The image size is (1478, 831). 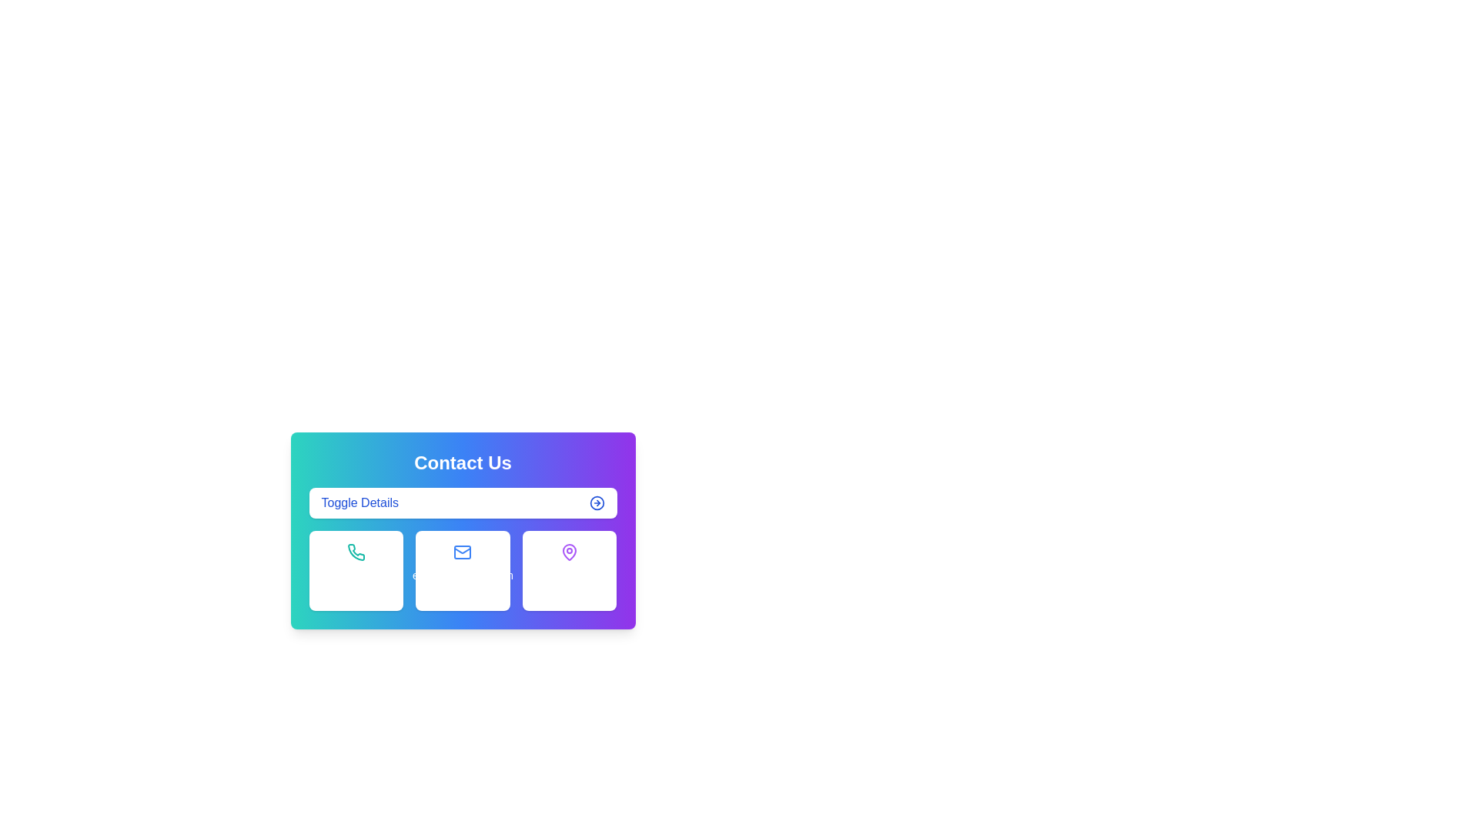 I want to click on the teal telephone receiver icon located within the leftmost white square card of the Contact Us panel, so click(x=355, y=551).